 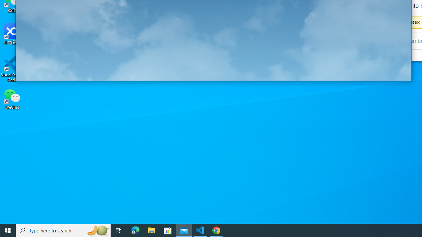 I want to click on 'Search highlights icon opens search home window', so click(x=97, y=230).